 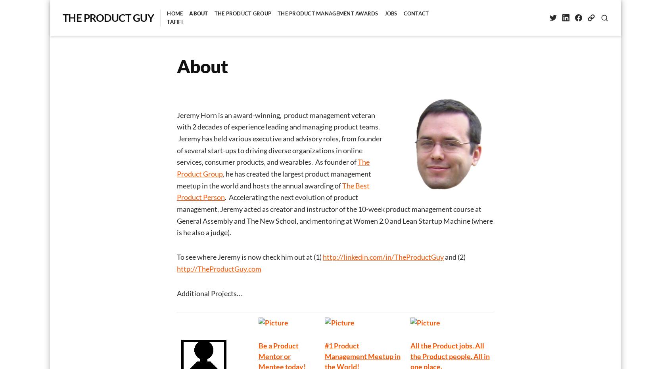 What do you see at coordinates (335, 215) in the screenshot?
I see `'.  Accelerating the next evolution of product management, Jeremy acted as creator and instructor of the 10-week product management course at General Assembly and The New School, and mentoring at Women 2.0 and Lean Startup Machine (where is he also a judge).'` at bounding box center [335, 215].